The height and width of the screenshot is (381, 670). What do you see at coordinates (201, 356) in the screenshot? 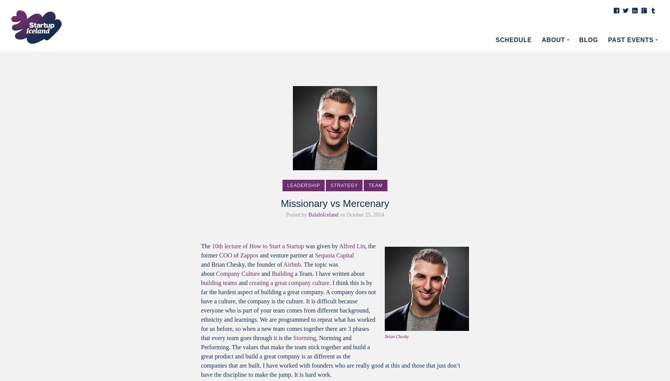
I see `', Norming and Performing. The values that make the team stick together and build a great product and build a great company is as different as the companies that are built. I have worked with founders who are really good at this and those that just don’t have the discipline to make the jump. It is hard work.'` at bounding box center [201, 356].